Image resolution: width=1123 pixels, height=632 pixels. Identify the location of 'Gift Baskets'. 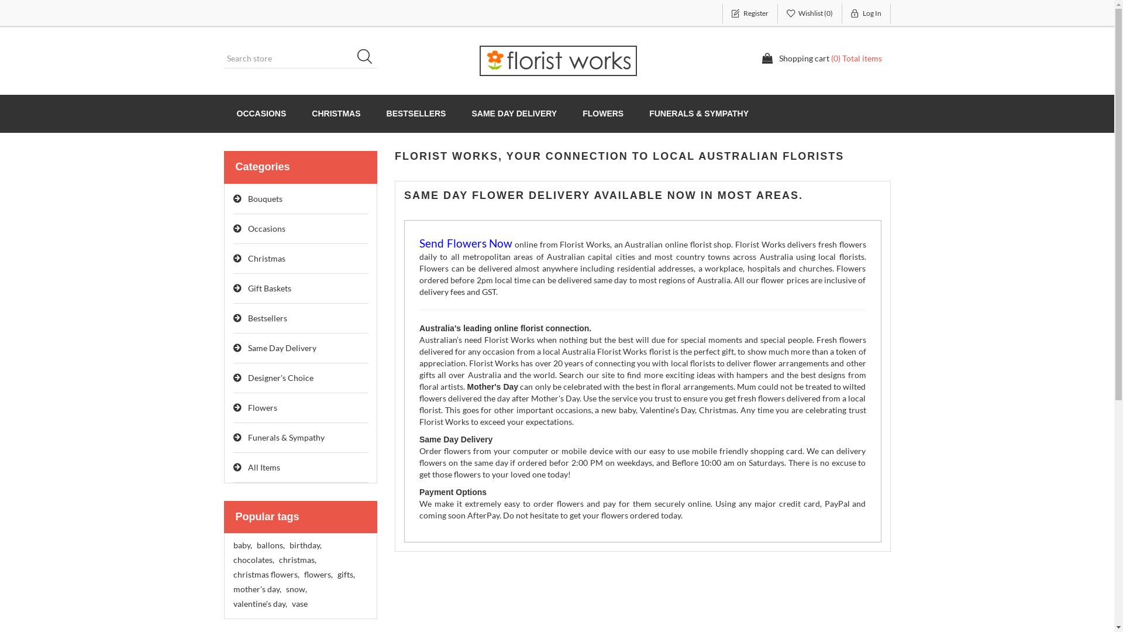
(300, 288).